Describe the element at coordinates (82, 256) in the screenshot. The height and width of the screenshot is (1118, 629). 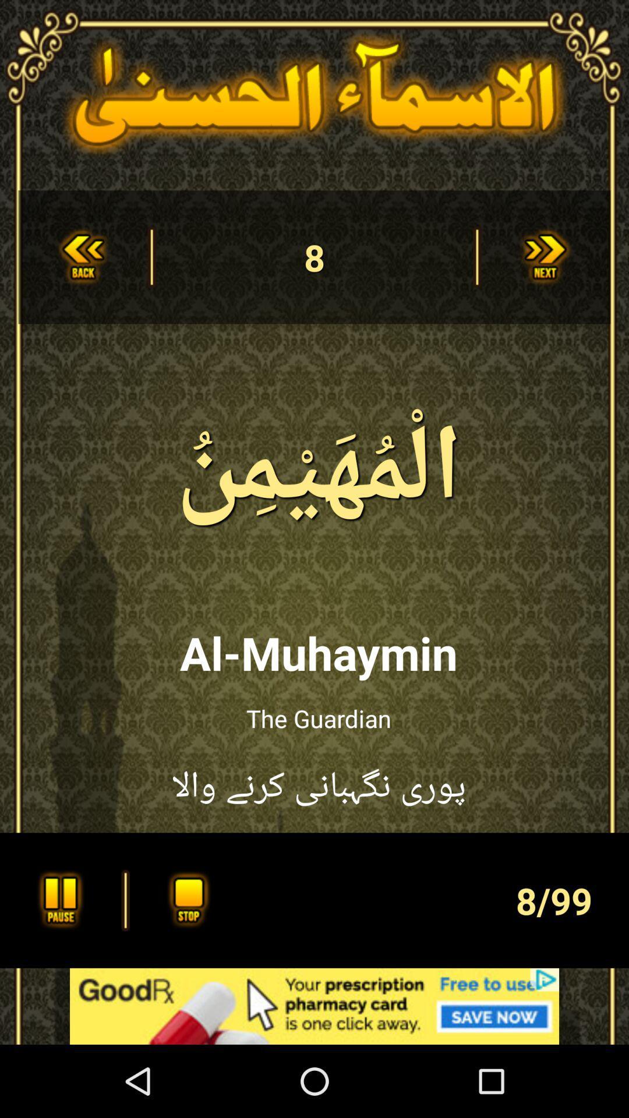
I see `go back` at that location.